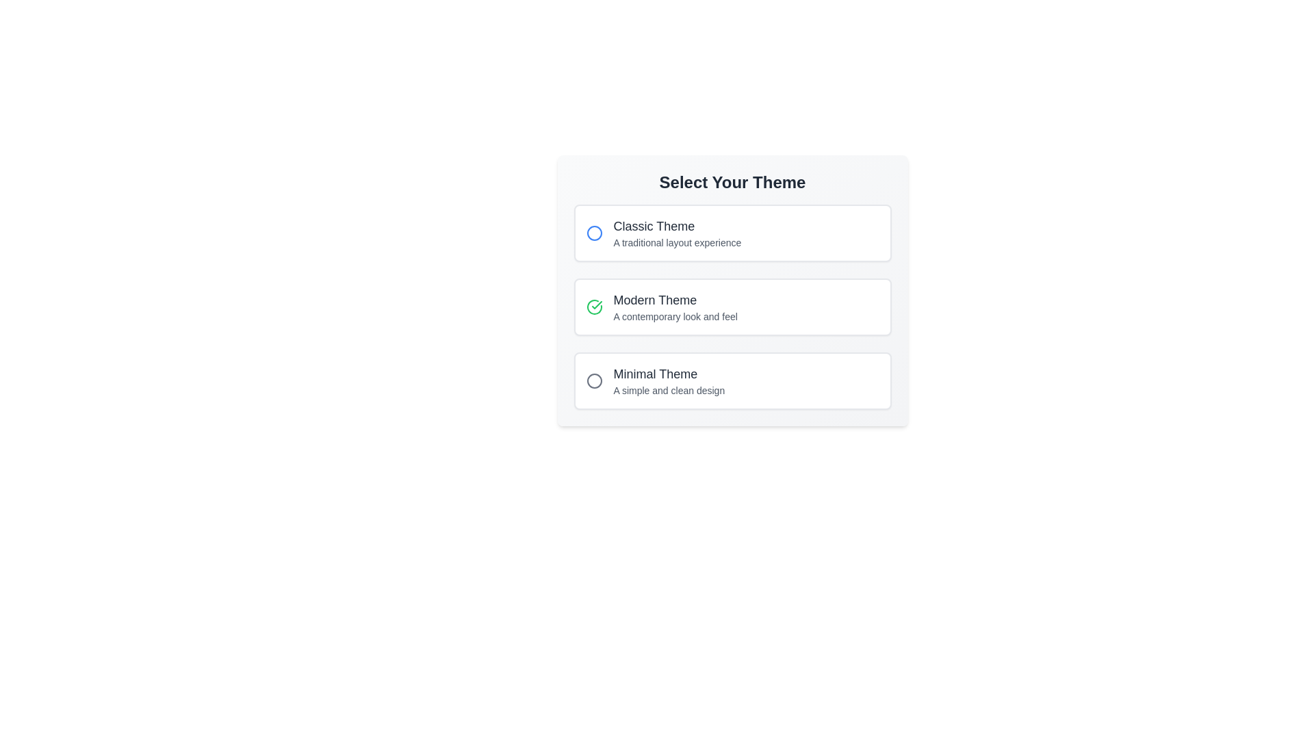 This screenshot has width=1314, height=739. I want to click on the Label that describes the 'Classic Theme' option, which is positioned directly to the right of a circular icon in the theme selection panel, so click(677, 232).